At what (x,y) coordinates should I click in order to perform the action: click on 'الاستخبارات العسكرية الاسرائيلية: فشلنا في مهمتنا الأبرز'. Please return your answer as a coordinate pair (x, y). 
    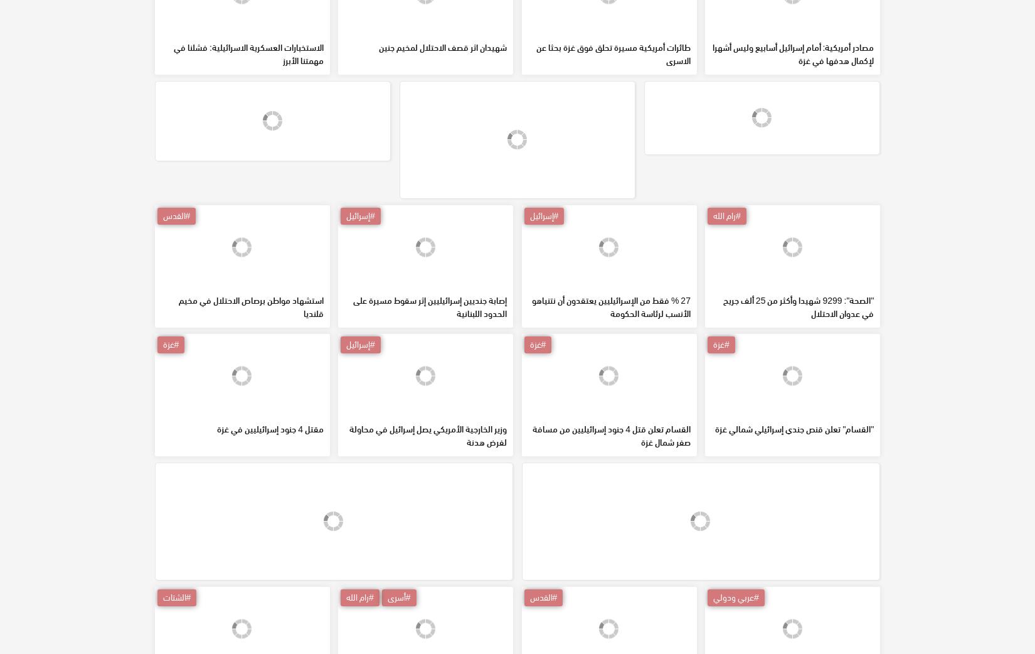
    Looking at the image, I should click on (248, 143).